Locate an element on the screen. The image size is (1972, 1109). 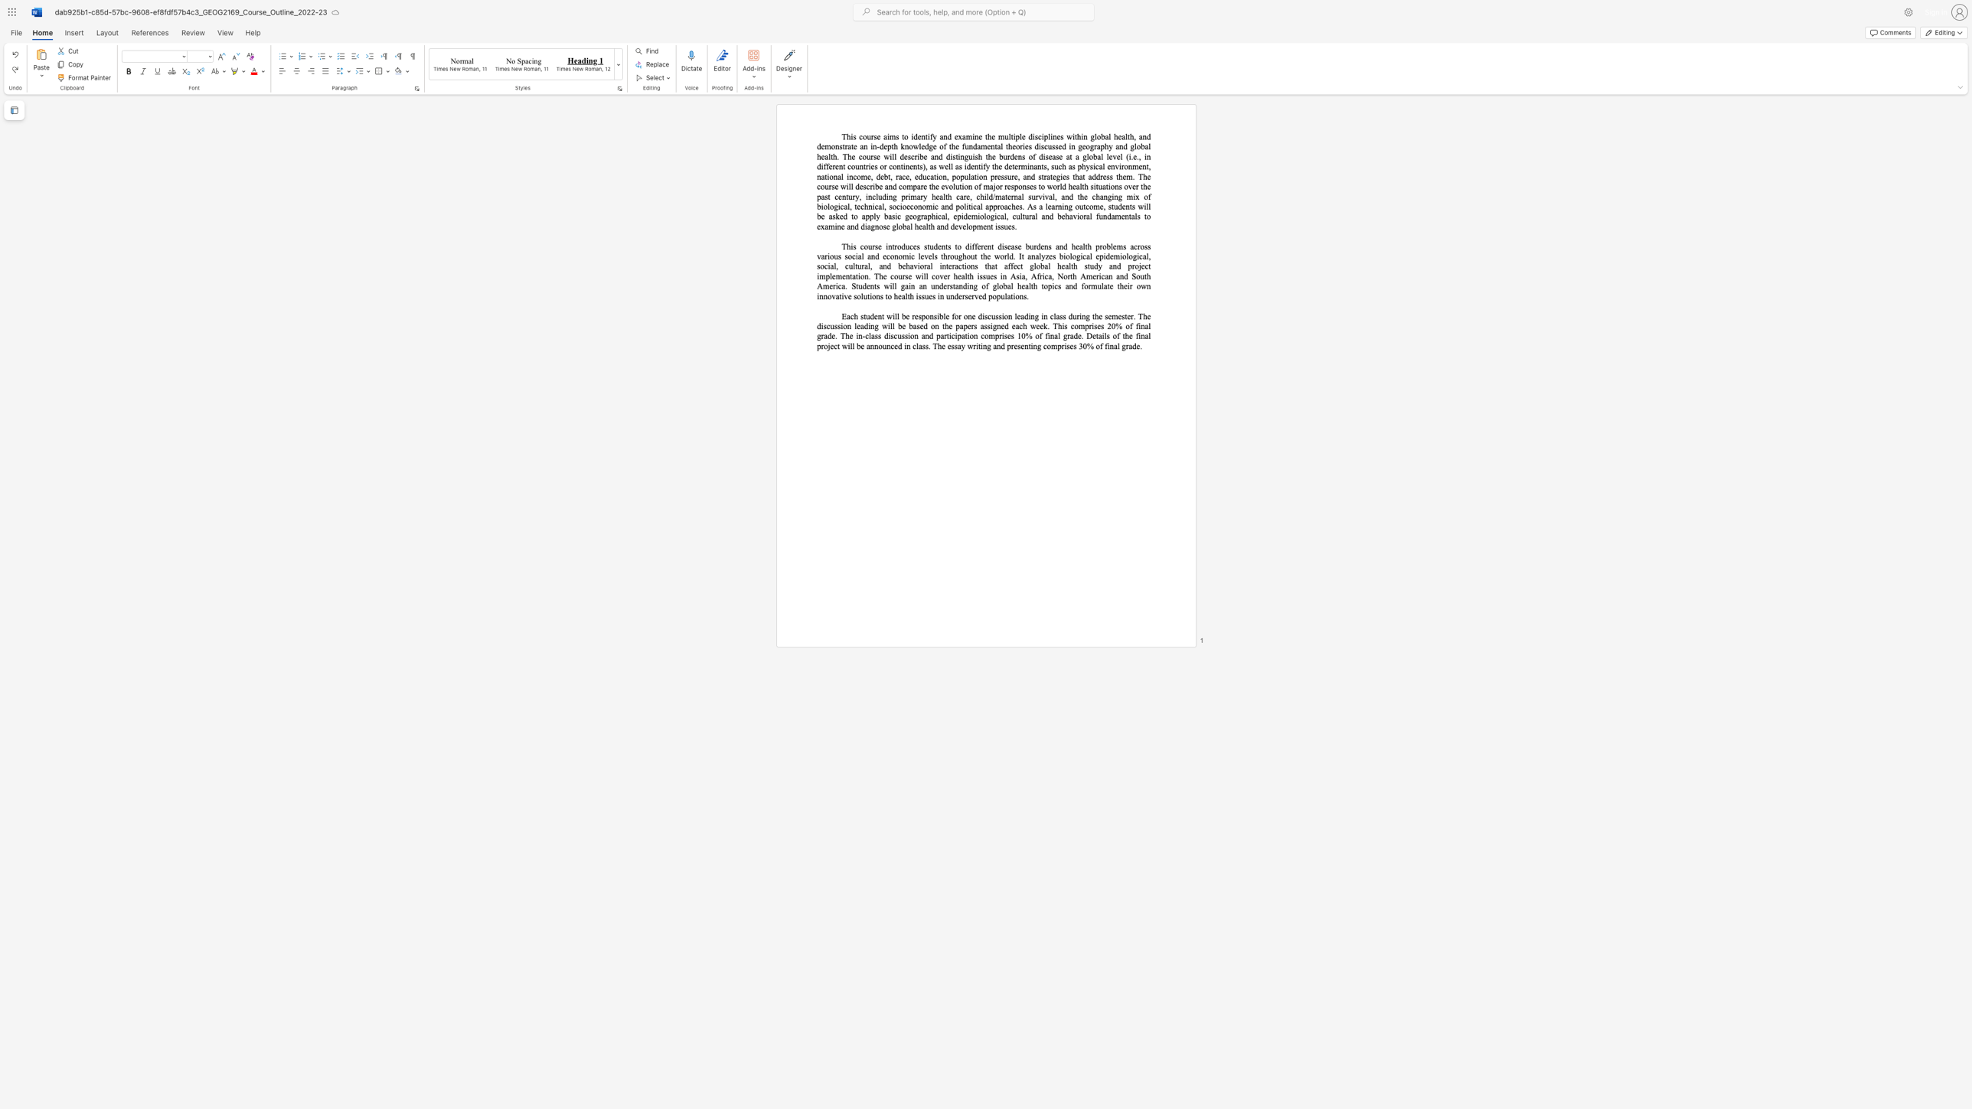
the subset text "l, and the changing mix of biological, technical, socioeconomic and political app" within the text "), as well as identify the determinants, such as physical environment, national income, debt, race, education, population pressure, and strategies that address them. The course will describe and compare the evolution of major responses to world health situations over the past century, including primary health care, child/maternal survival, and the changing mix of biological, technical, socioeconomic and political approaches." is located at coordinates (1051, 196).